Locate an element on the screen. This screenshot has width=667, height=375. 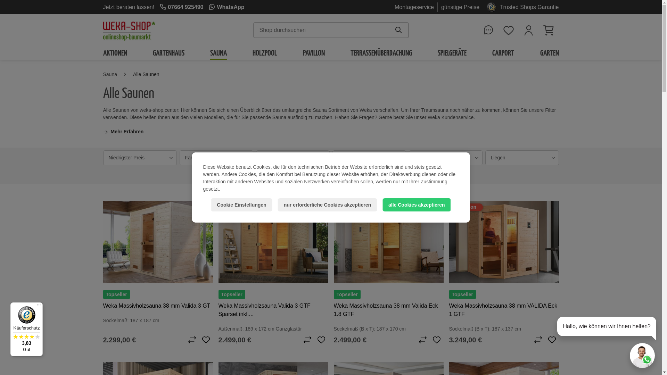
'Weka Massivholzsauna 38 mm VALIDA Eck 1 GTF' is located at coordinates (503, 241).